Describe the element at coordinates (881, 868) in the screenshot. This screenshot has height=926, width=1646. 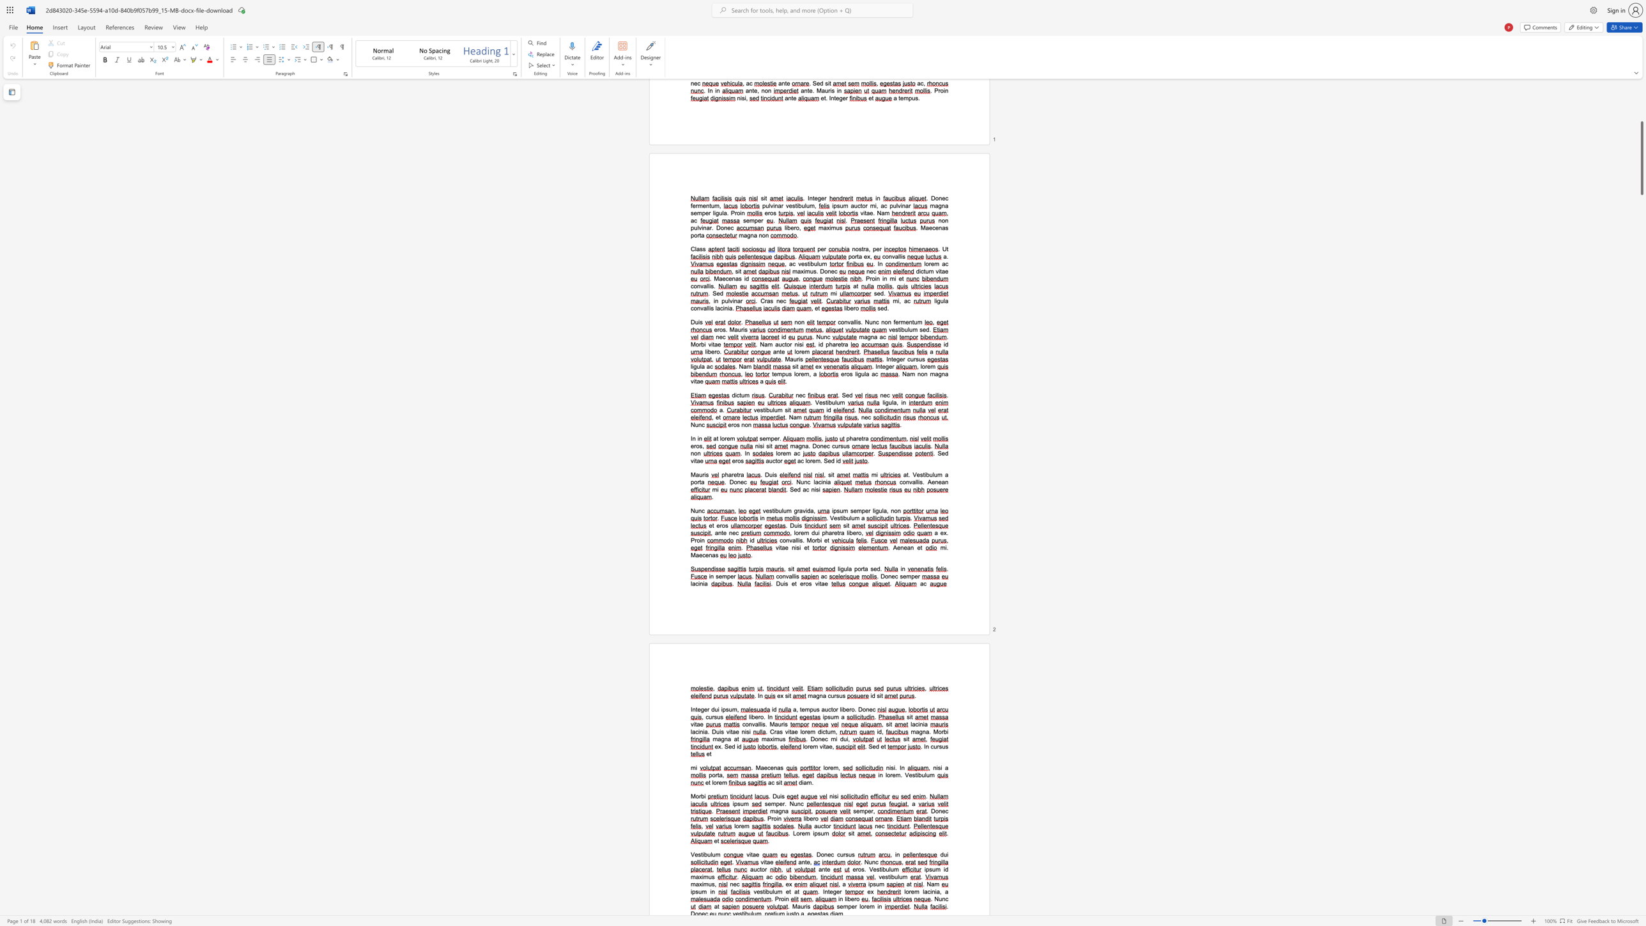
I see `the 1th character "i" in the text` at that location.